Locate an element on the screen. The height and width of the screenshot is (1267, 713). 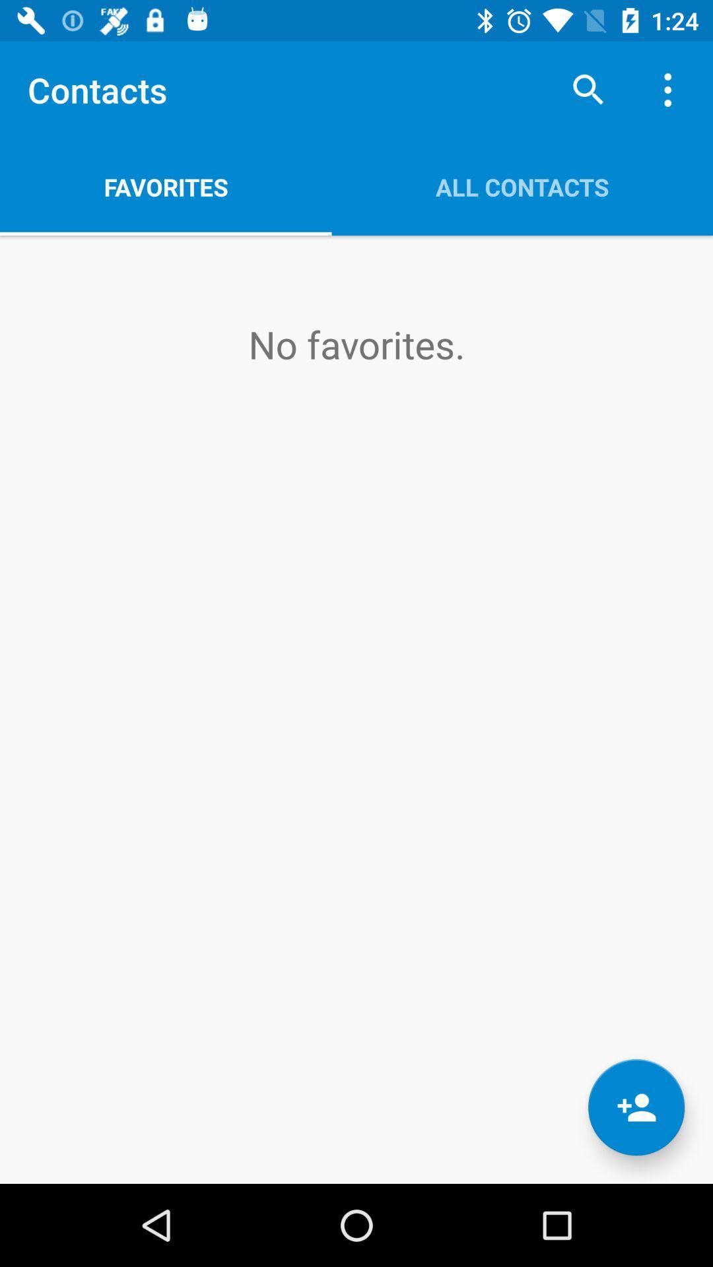
app above the all contacts app is located at coordinates (588, 89).